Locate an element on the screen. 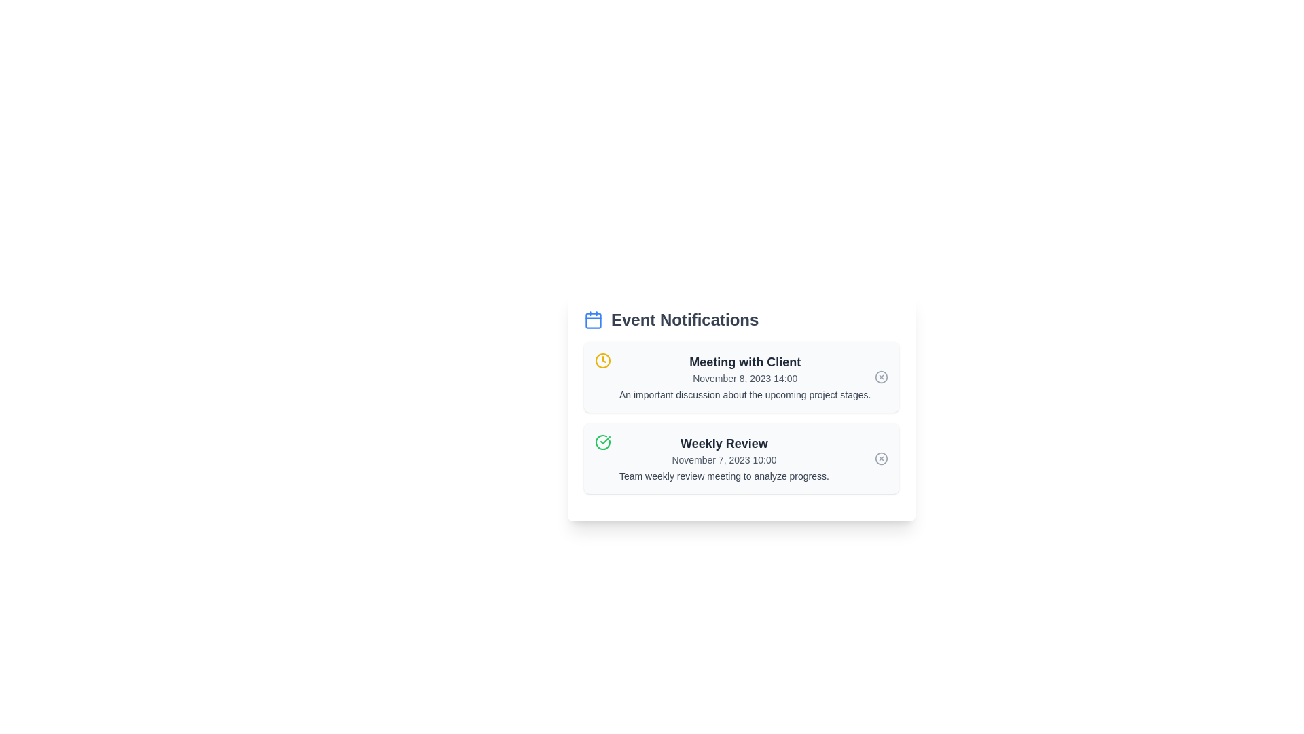 The width and height of the screenshot is (1304, 734). delete button for the notification titled 'Meeting with Client' is located at coordinates (881, 377).